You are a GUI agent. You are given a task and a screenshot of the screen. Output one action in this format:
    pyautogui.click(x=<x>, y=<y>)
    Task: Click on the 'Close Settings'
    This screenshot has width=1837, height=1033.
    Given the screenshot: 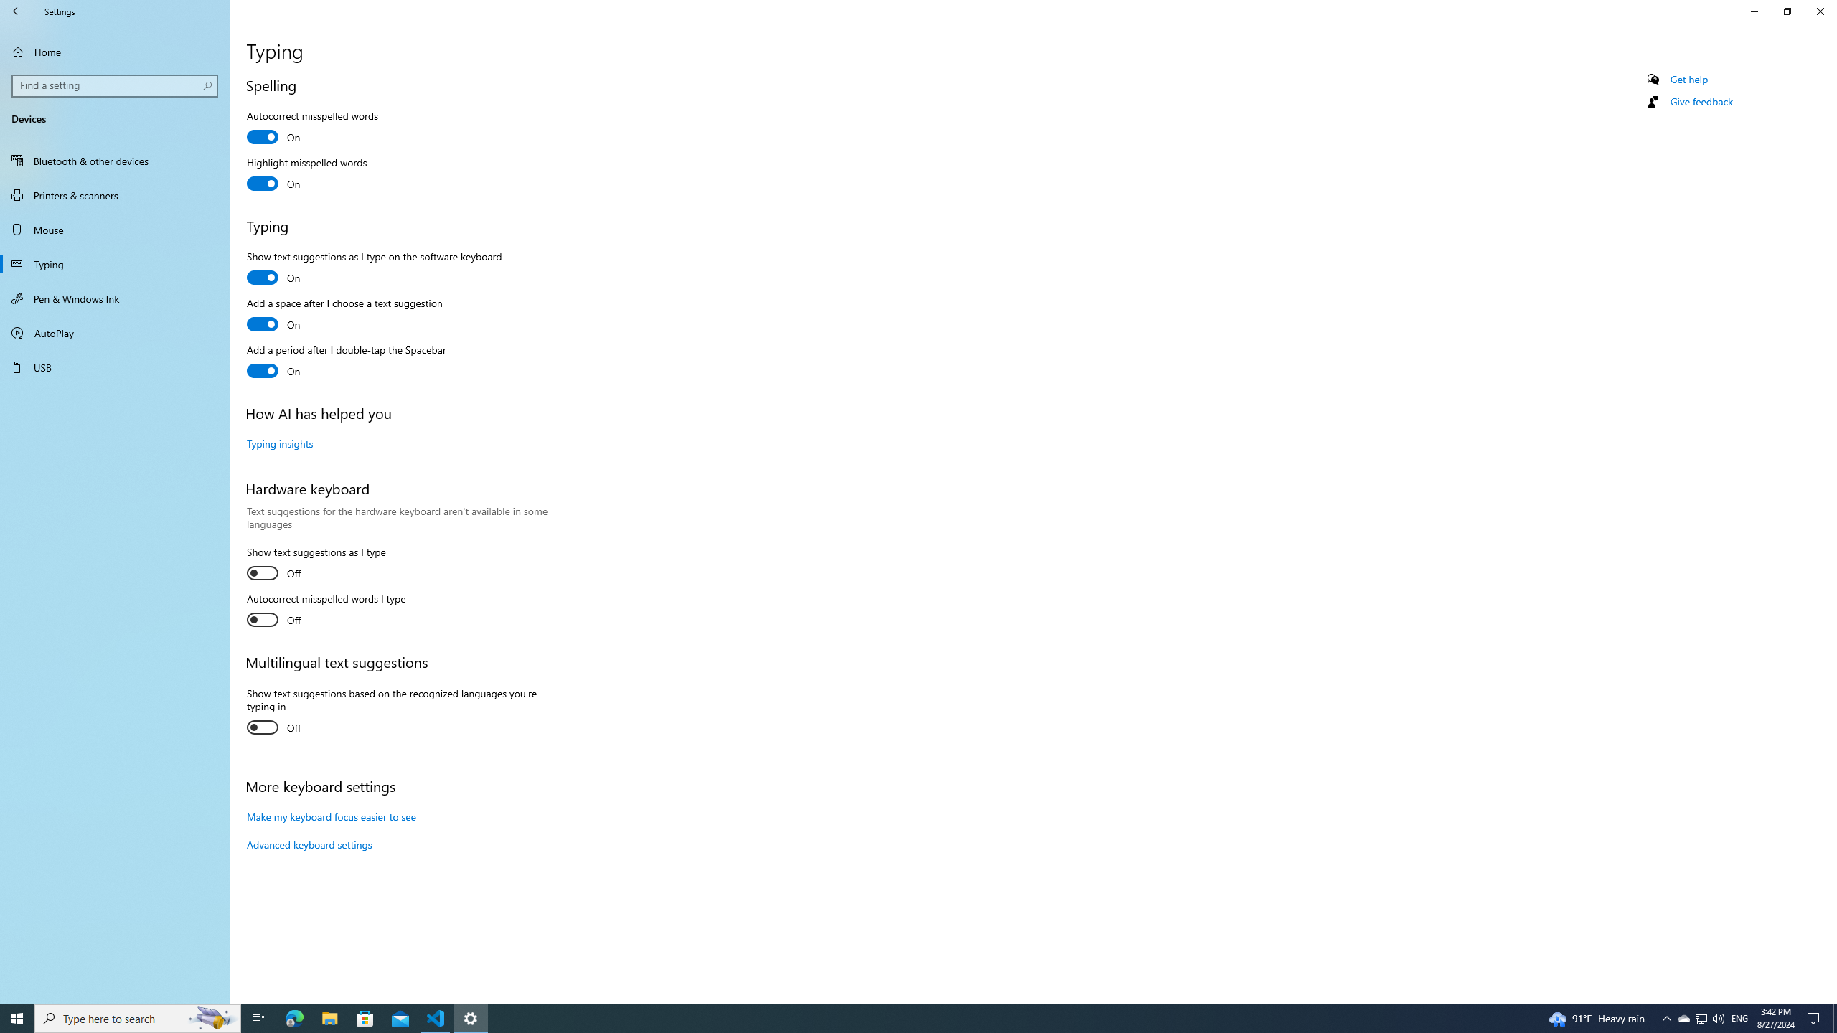 What is the action you would take?
    pyautogui.click(x=1819, y=11)
    